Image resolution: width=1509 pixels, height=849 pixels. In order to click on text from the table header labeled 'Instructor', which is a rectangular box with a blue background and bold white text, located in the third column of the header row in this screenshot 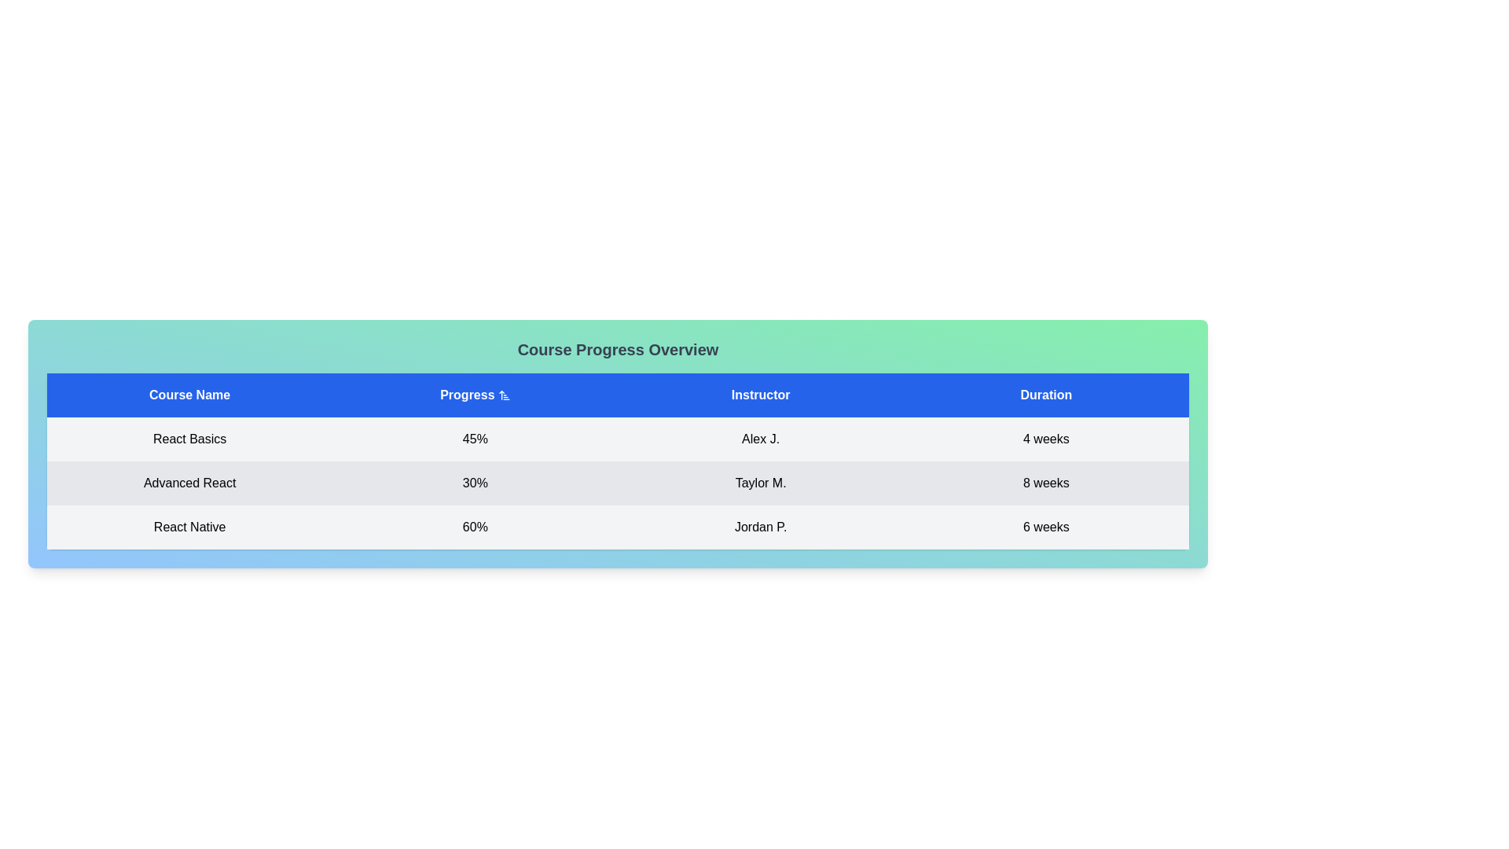, I will do `click(761, 394)`.